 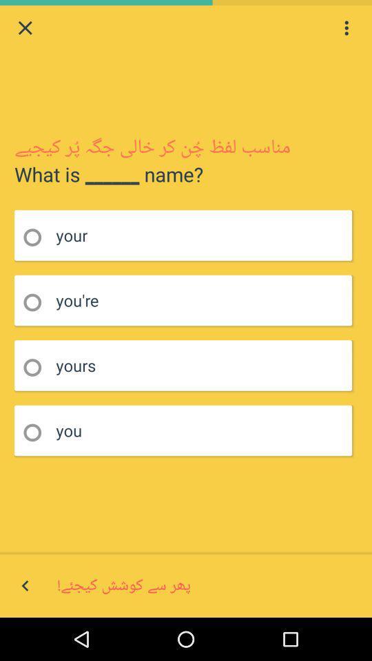 I want to click on click the option, so click(x=37, y=432).